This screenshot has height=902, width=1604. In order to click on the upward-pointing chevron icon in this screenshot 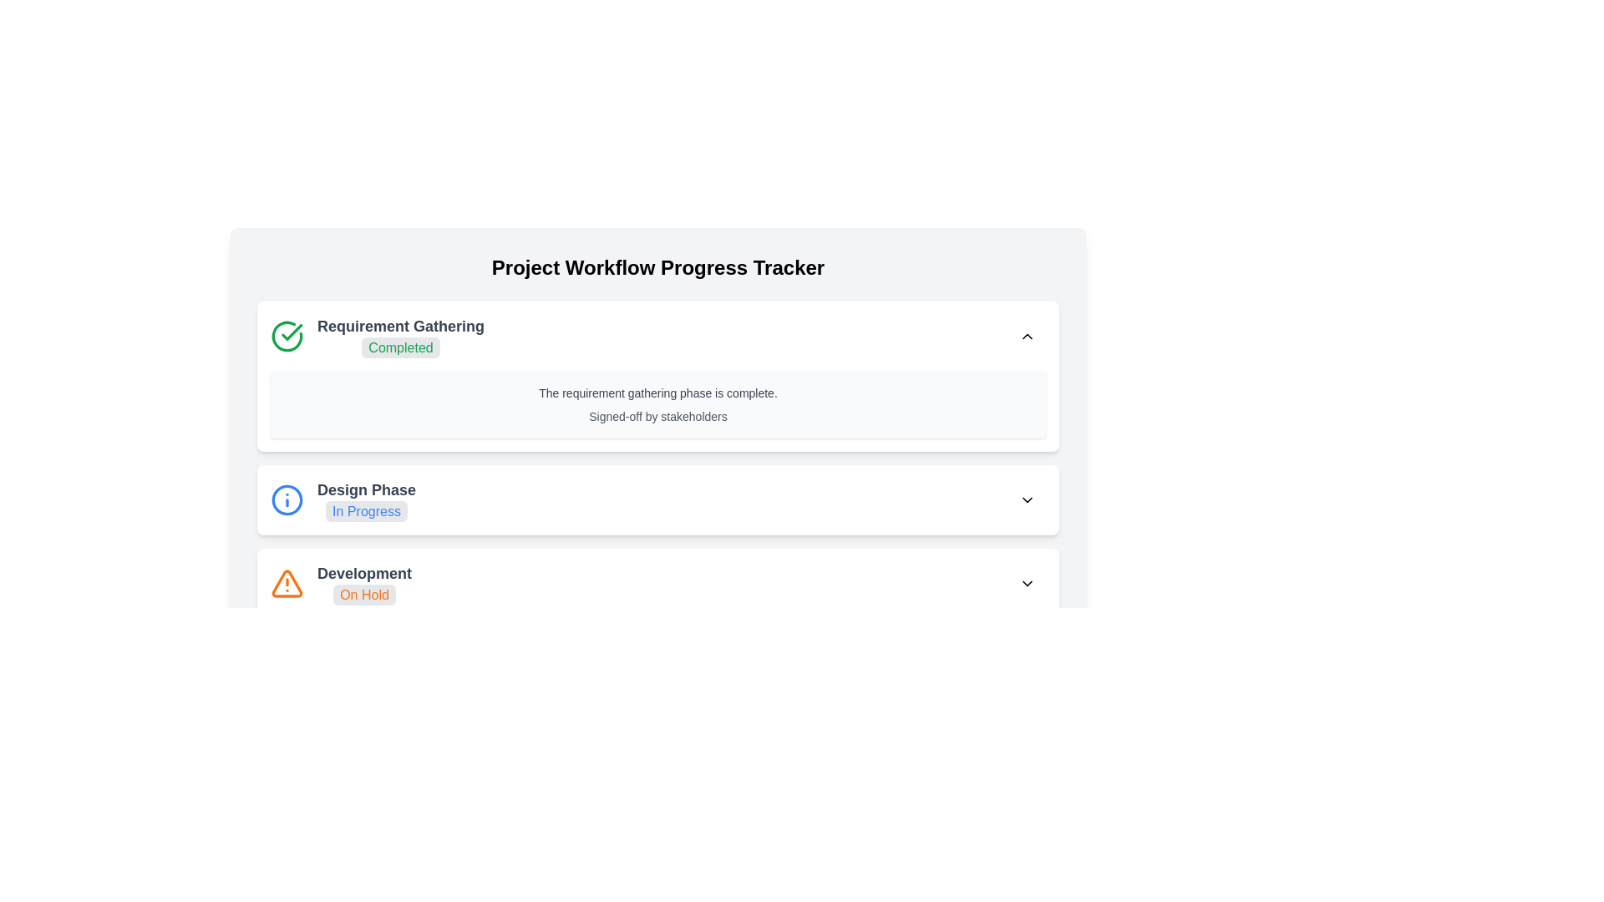, I will do `click(1026, 336)`.